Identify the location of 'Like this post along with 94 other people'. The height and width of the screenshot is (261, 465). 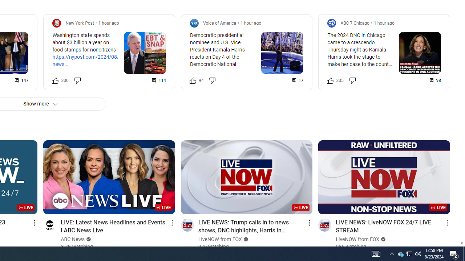
(193, 80).